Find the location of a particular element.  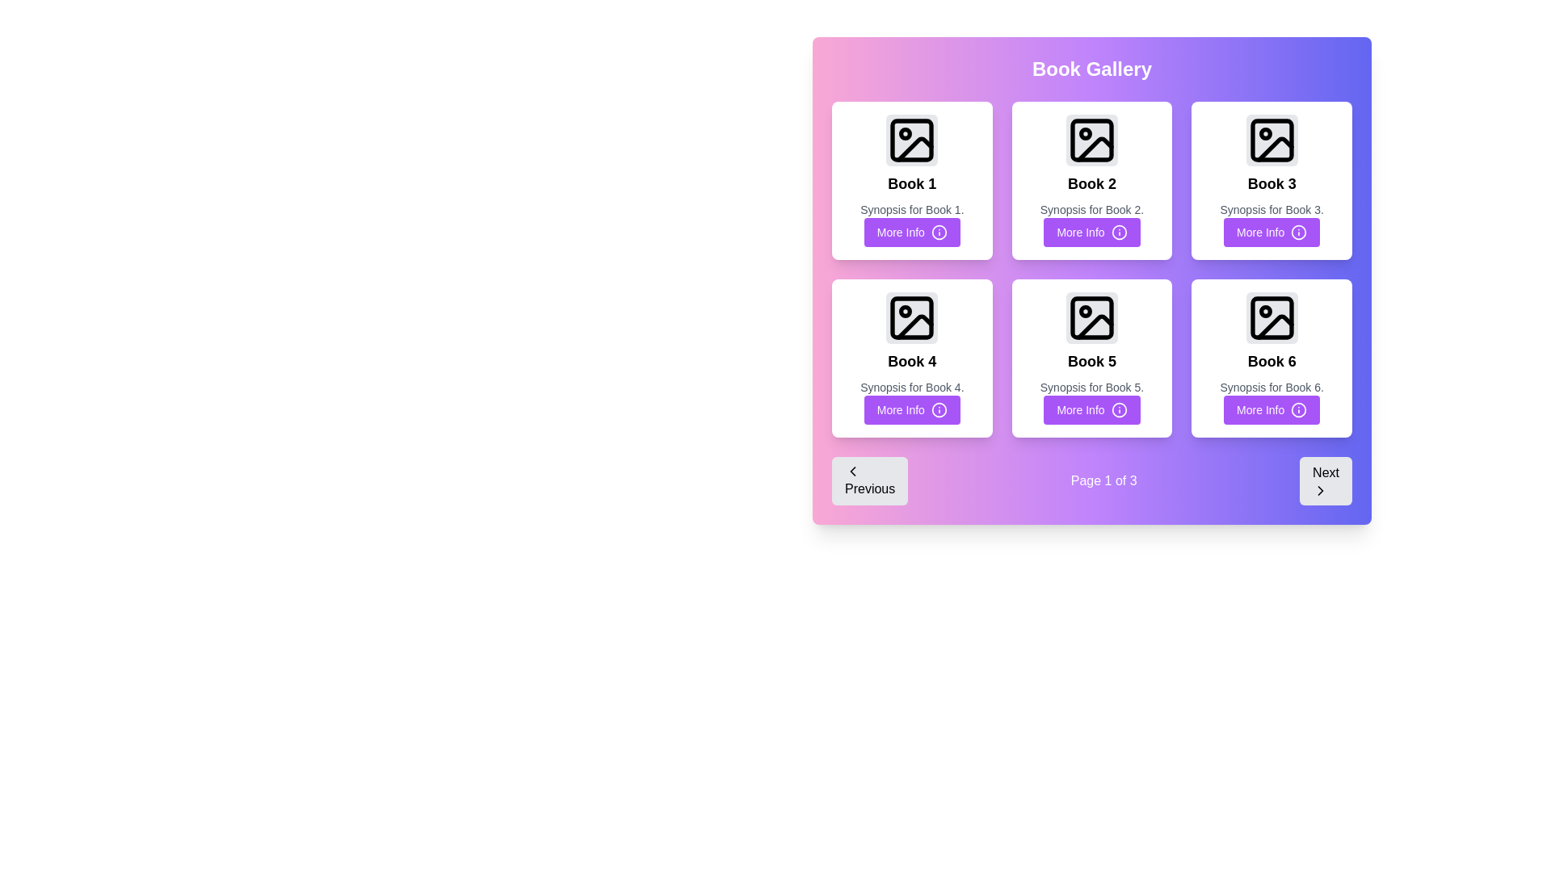

the icon representing the first book cover in the 'Book Gallery' section, positioned above the label 'Book 1' and its synopsis is located at coordinates (912, 139).